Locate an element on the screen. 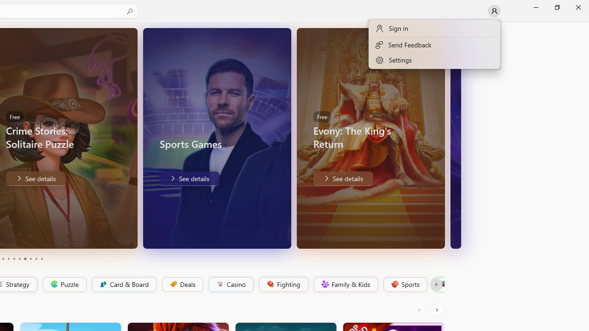 The width and height of the screenshot is (589, 331). 'Page 8' is located at coordinates (30, 259).